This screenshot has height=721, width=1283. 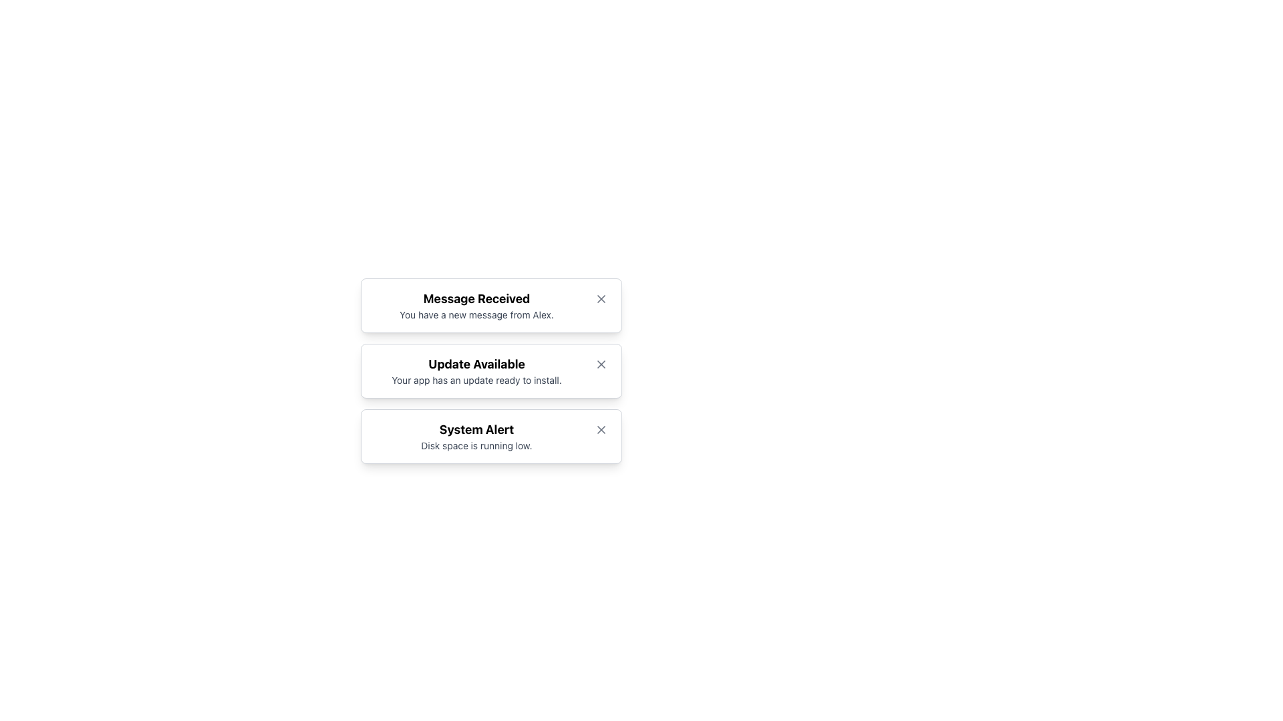 I want to click on the close button icon (SVG 'X') located at the top-right of the 'Message Received' notification card, so click(x=601, y=298).